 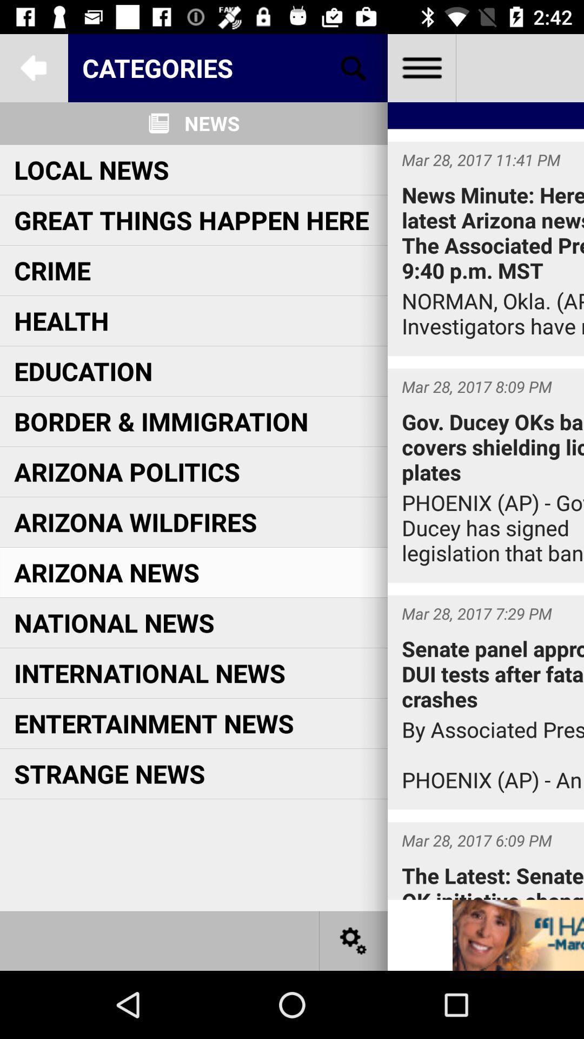 I want to click on the arrow_backward icon, so click(x=33, y=67).